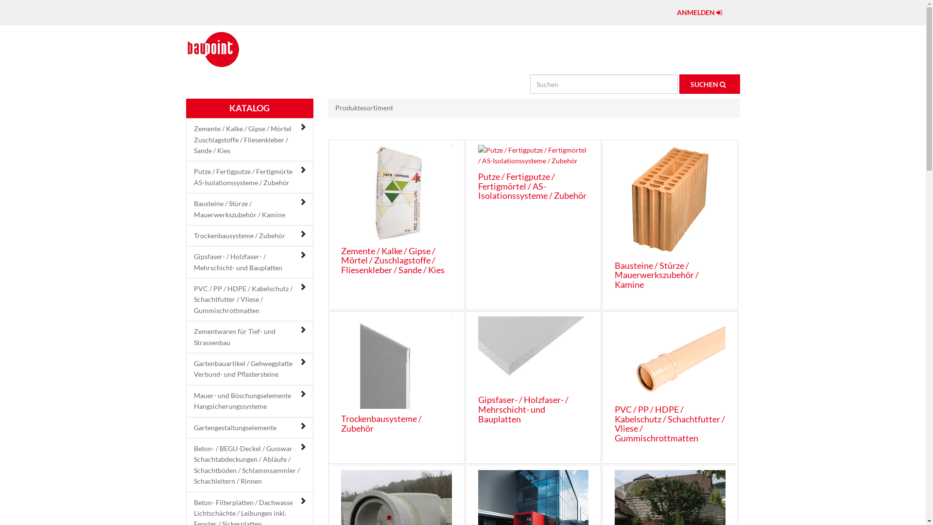  Describe the element at coordinates (709, 84) in the screenshot. I see `'SUCHEN '` at that location.